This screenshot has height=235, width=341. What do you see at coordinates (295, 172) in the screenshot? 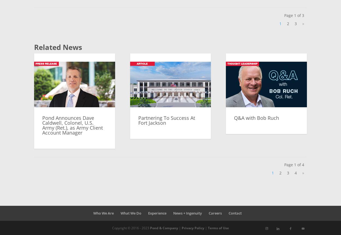
I see `'4'` at bounding box center [295, 172].